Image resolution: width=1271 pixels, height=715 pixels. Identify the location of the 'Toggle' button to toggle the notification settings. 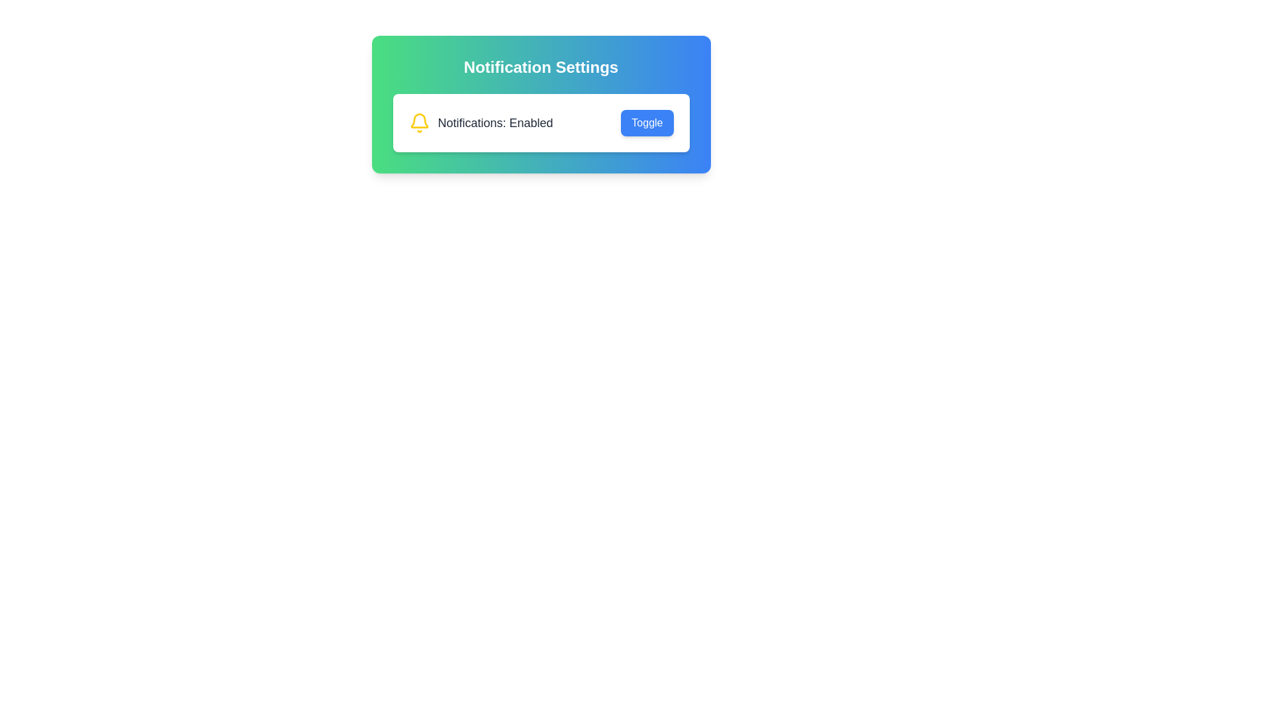
(647, 122).